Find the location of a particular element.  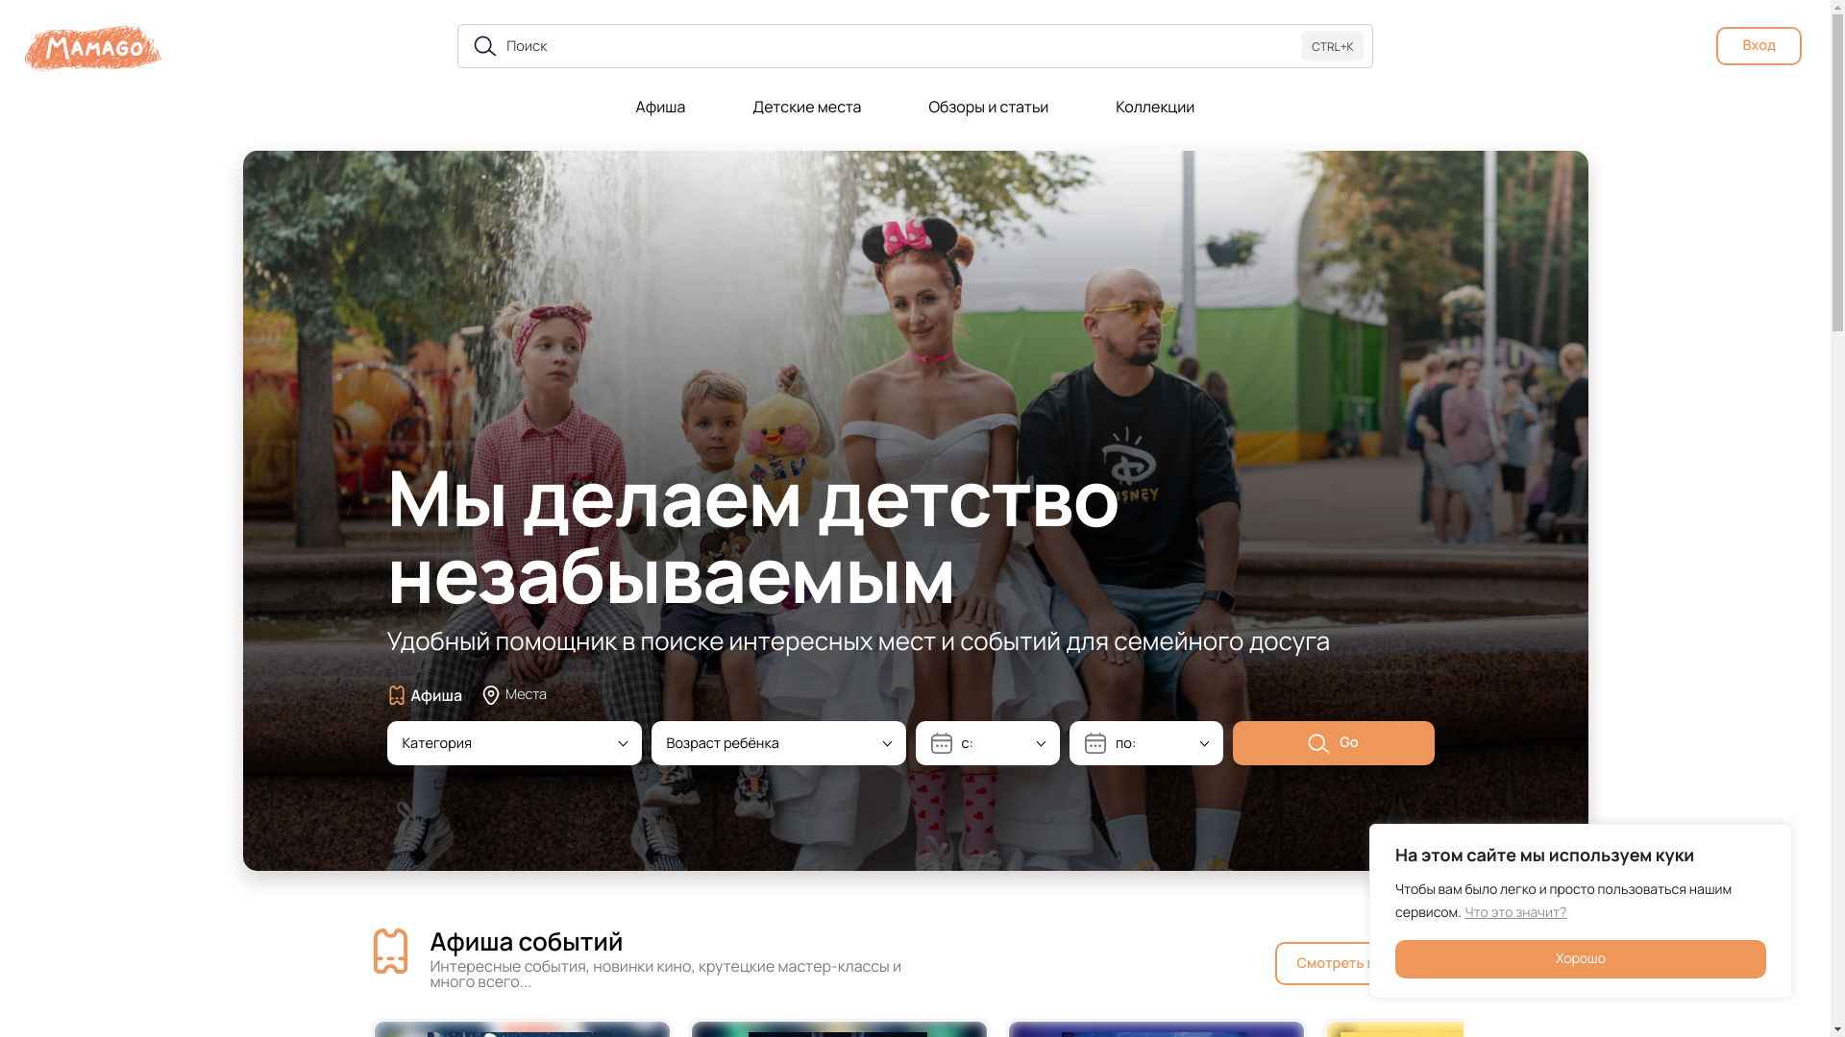

'Go' is located at coordinates (1332, 742).